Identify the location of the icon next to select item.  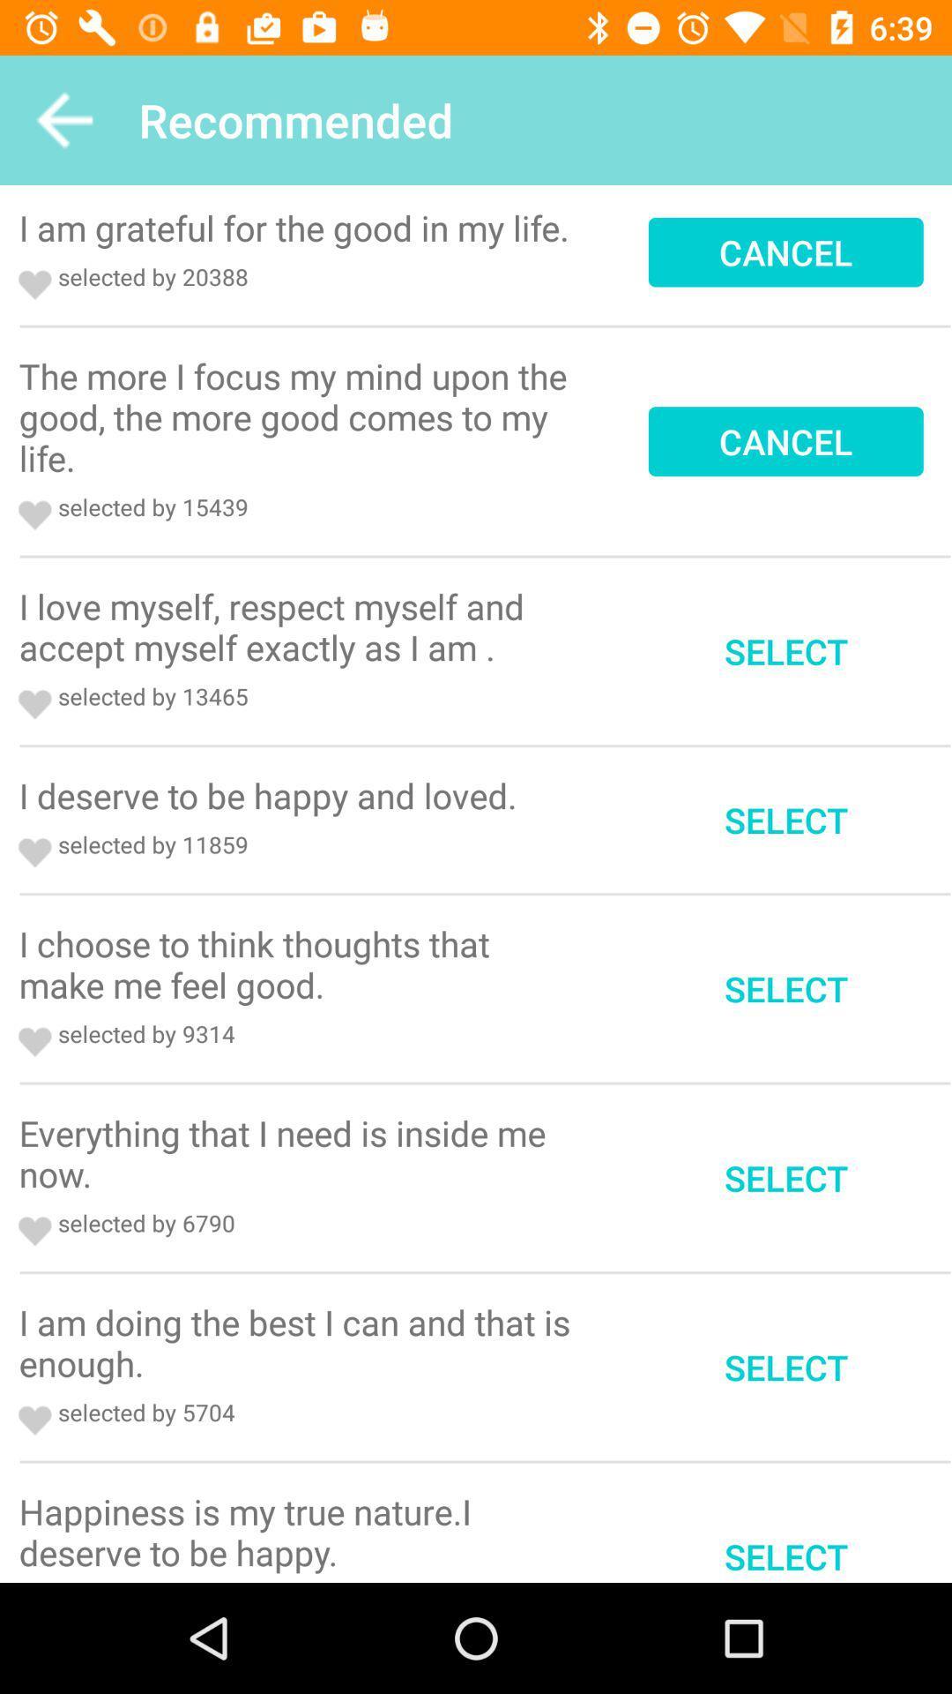
(300, 1531).